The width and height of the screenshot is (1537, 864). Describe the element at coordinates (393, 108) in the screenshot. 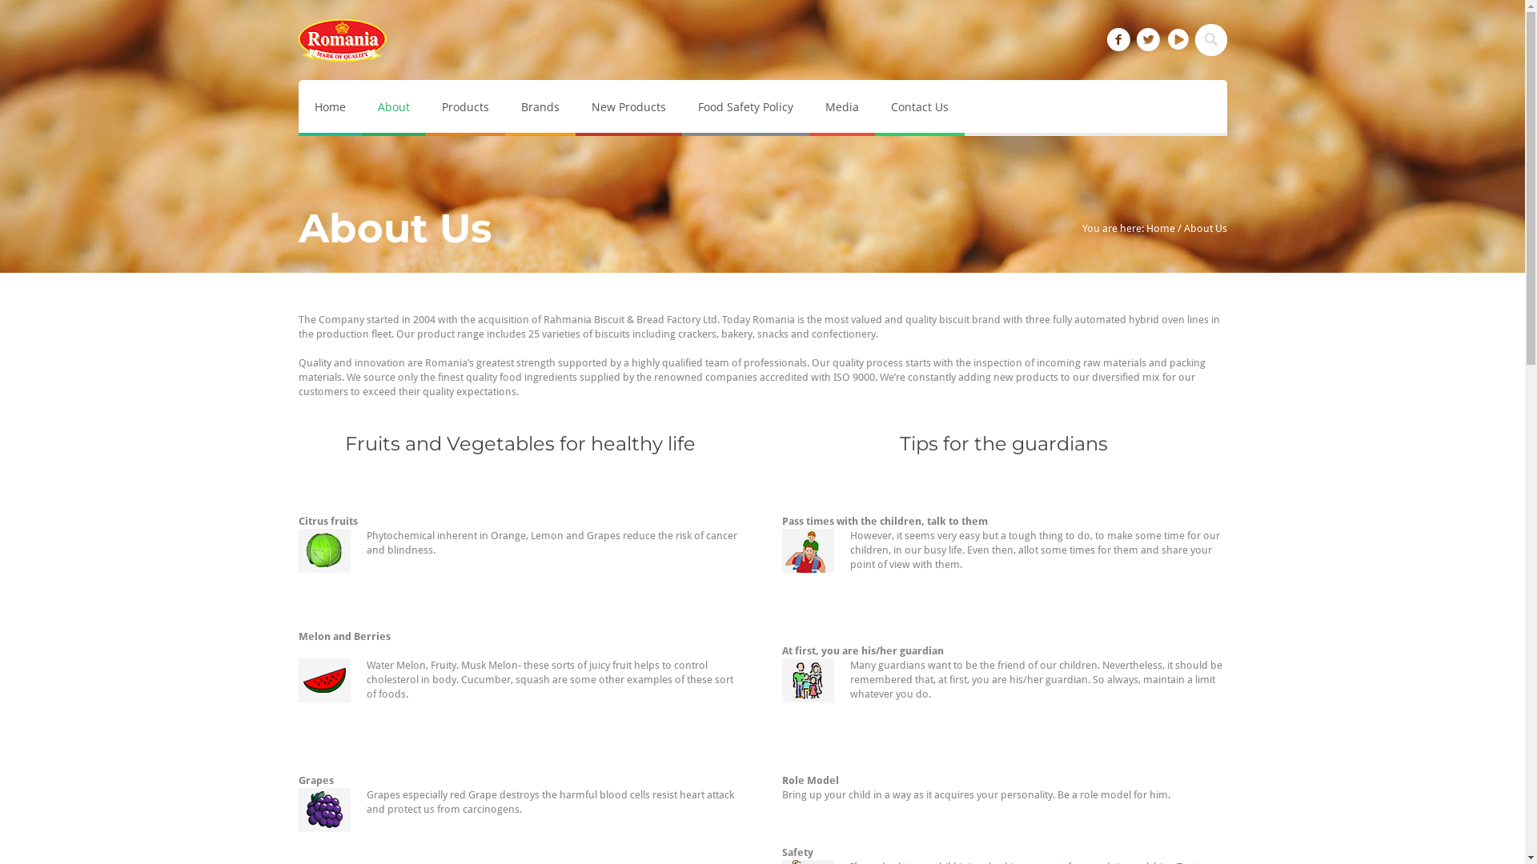

I see `'About'` at that location.